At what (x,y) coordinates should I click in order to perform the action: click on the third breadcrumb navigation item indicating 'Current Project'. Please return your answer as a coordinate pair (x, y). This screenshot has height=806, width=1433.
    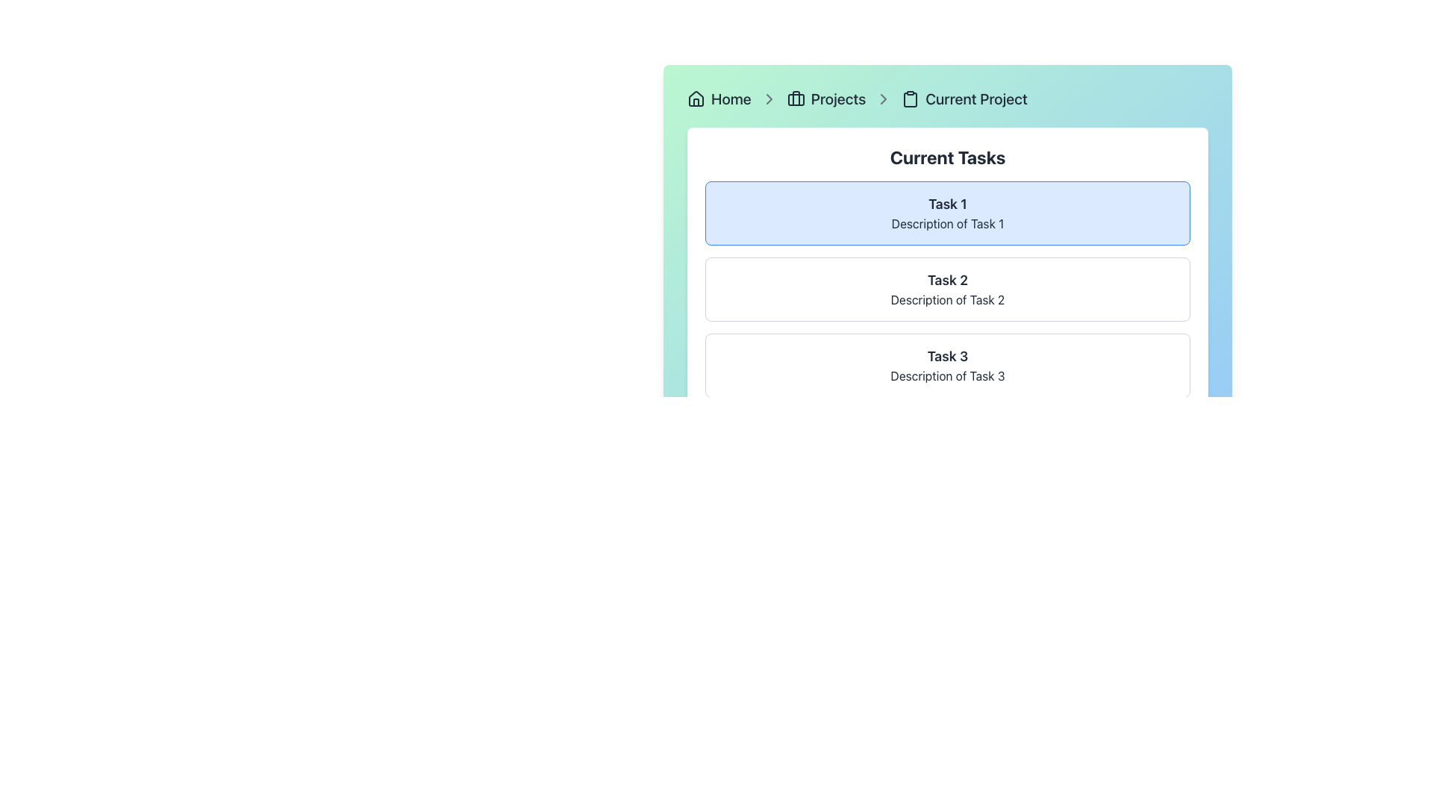
    Looking at the image, I should click on (964, 99).